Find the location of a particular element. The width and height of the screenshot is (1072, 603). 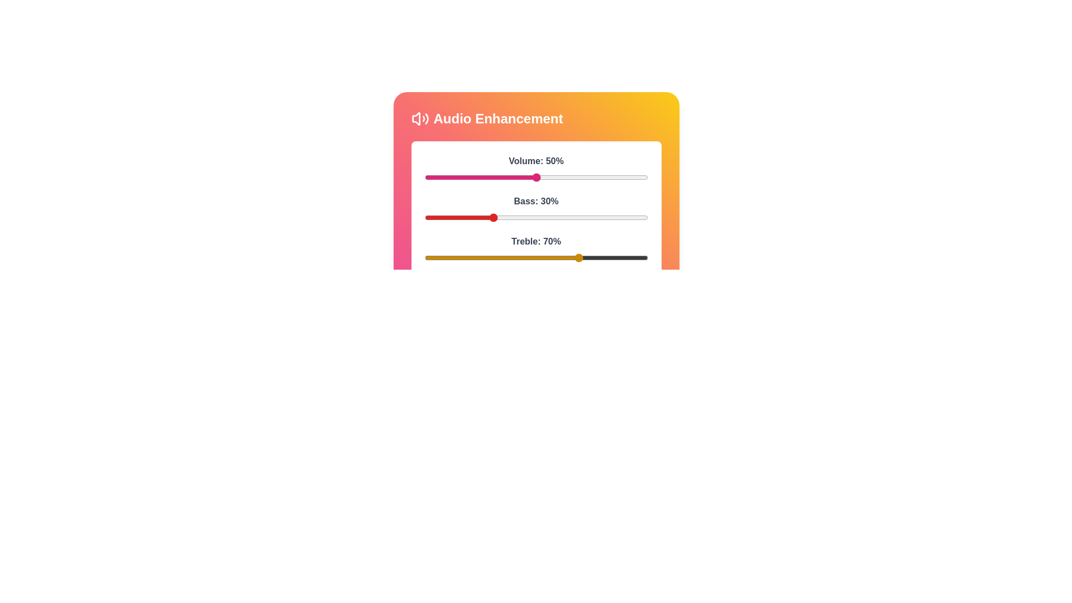

the volume is located at coordinates (565, 176).